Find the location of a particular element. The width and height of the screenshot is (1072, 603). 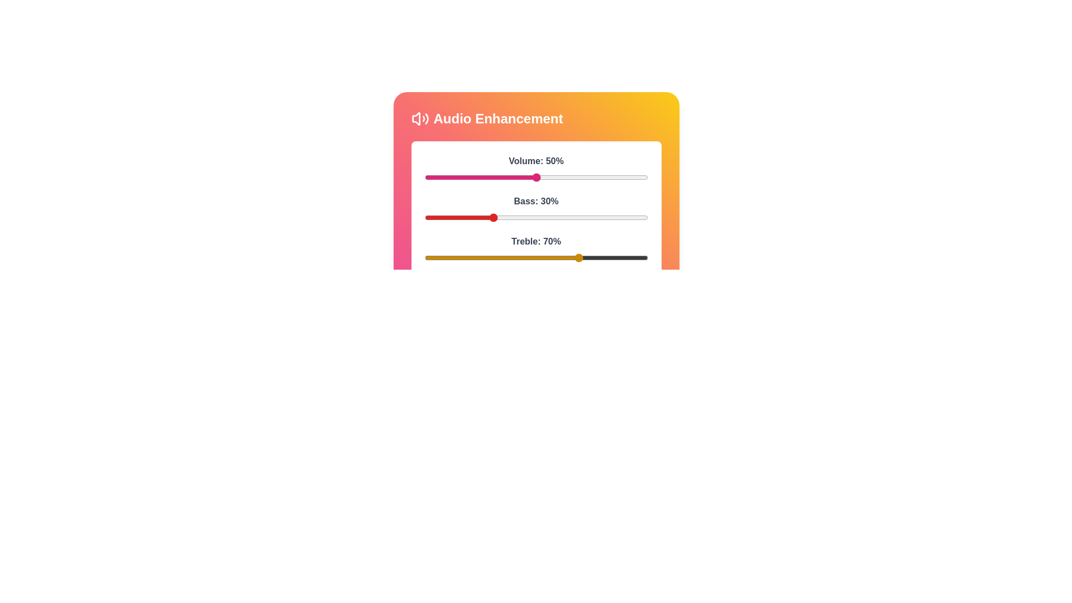

the volume is located at coordinates (565, 176).